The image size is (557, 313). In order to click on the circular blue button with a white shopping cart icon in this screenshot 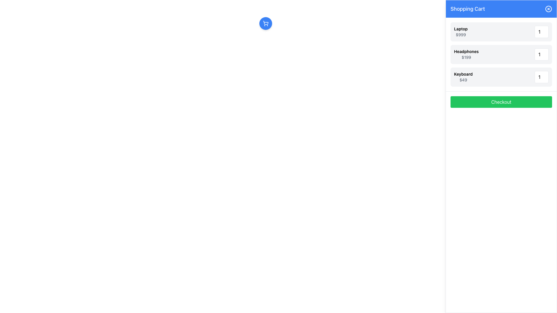, I will do `click(265, 23)`.